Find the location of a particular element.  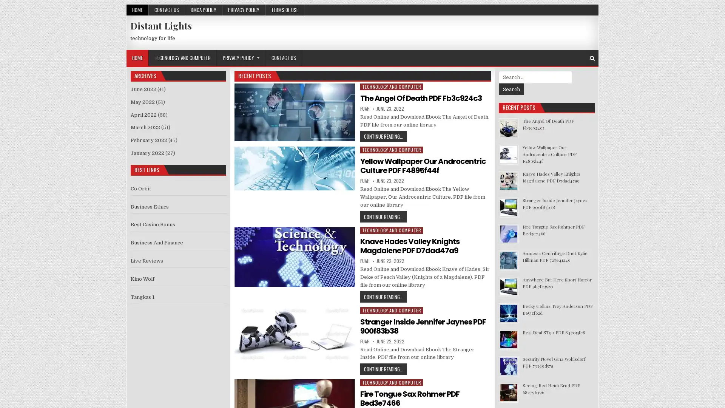

Search is located at coordinates (511, 89).